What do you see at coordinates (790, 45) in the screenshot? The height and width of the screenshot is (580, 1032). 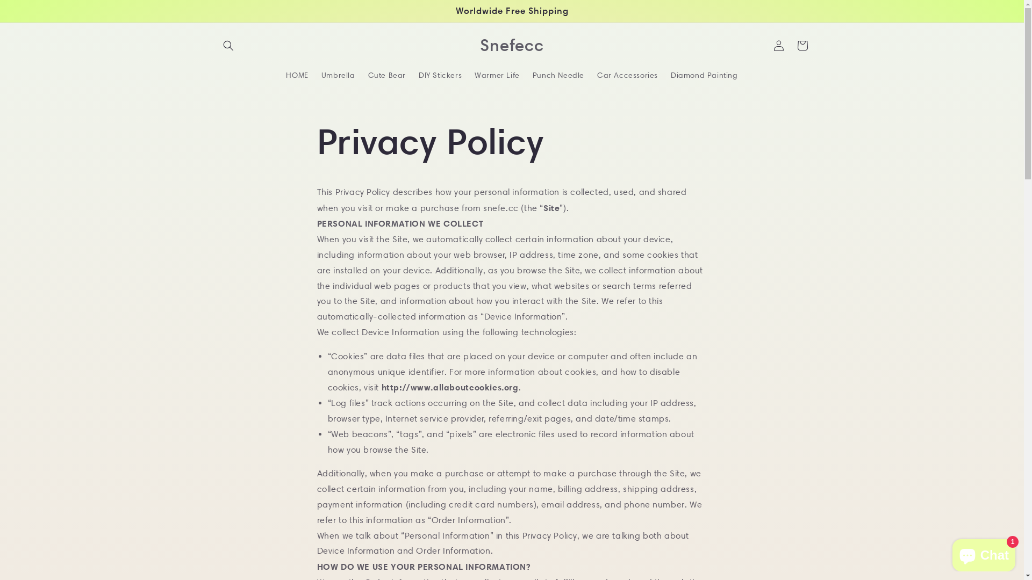 I see `'Cart'` at bounding box center [790, 45].